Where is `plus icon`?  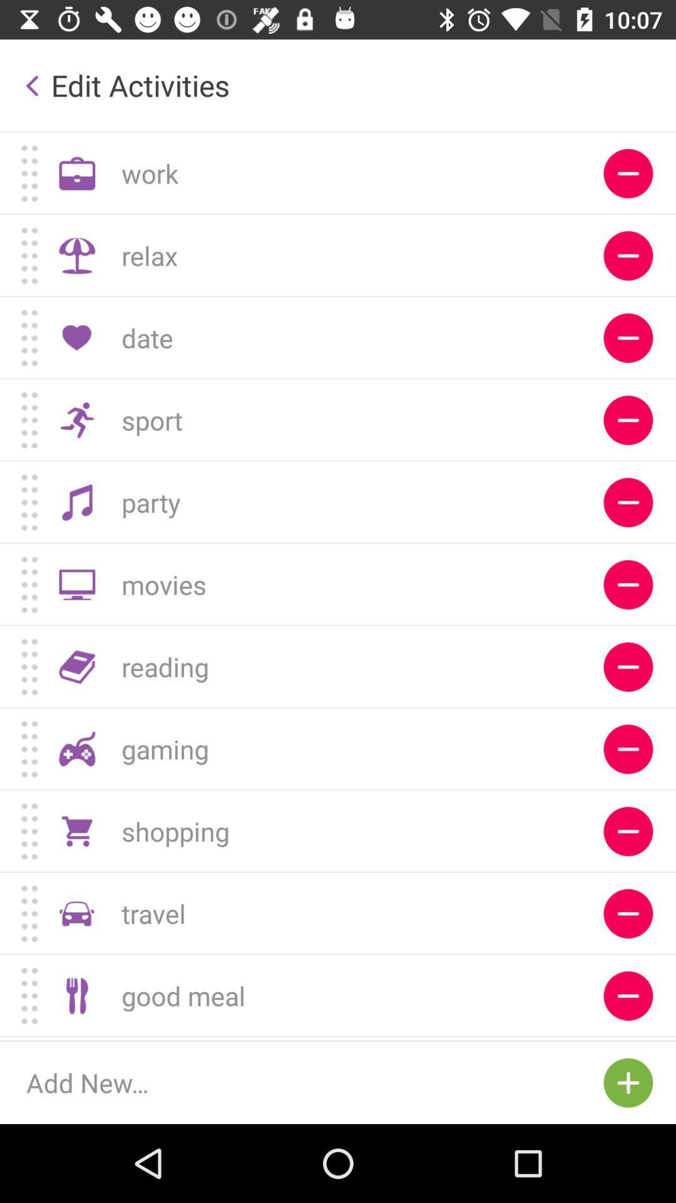
plus icon is located at coordinates (628, 1082).